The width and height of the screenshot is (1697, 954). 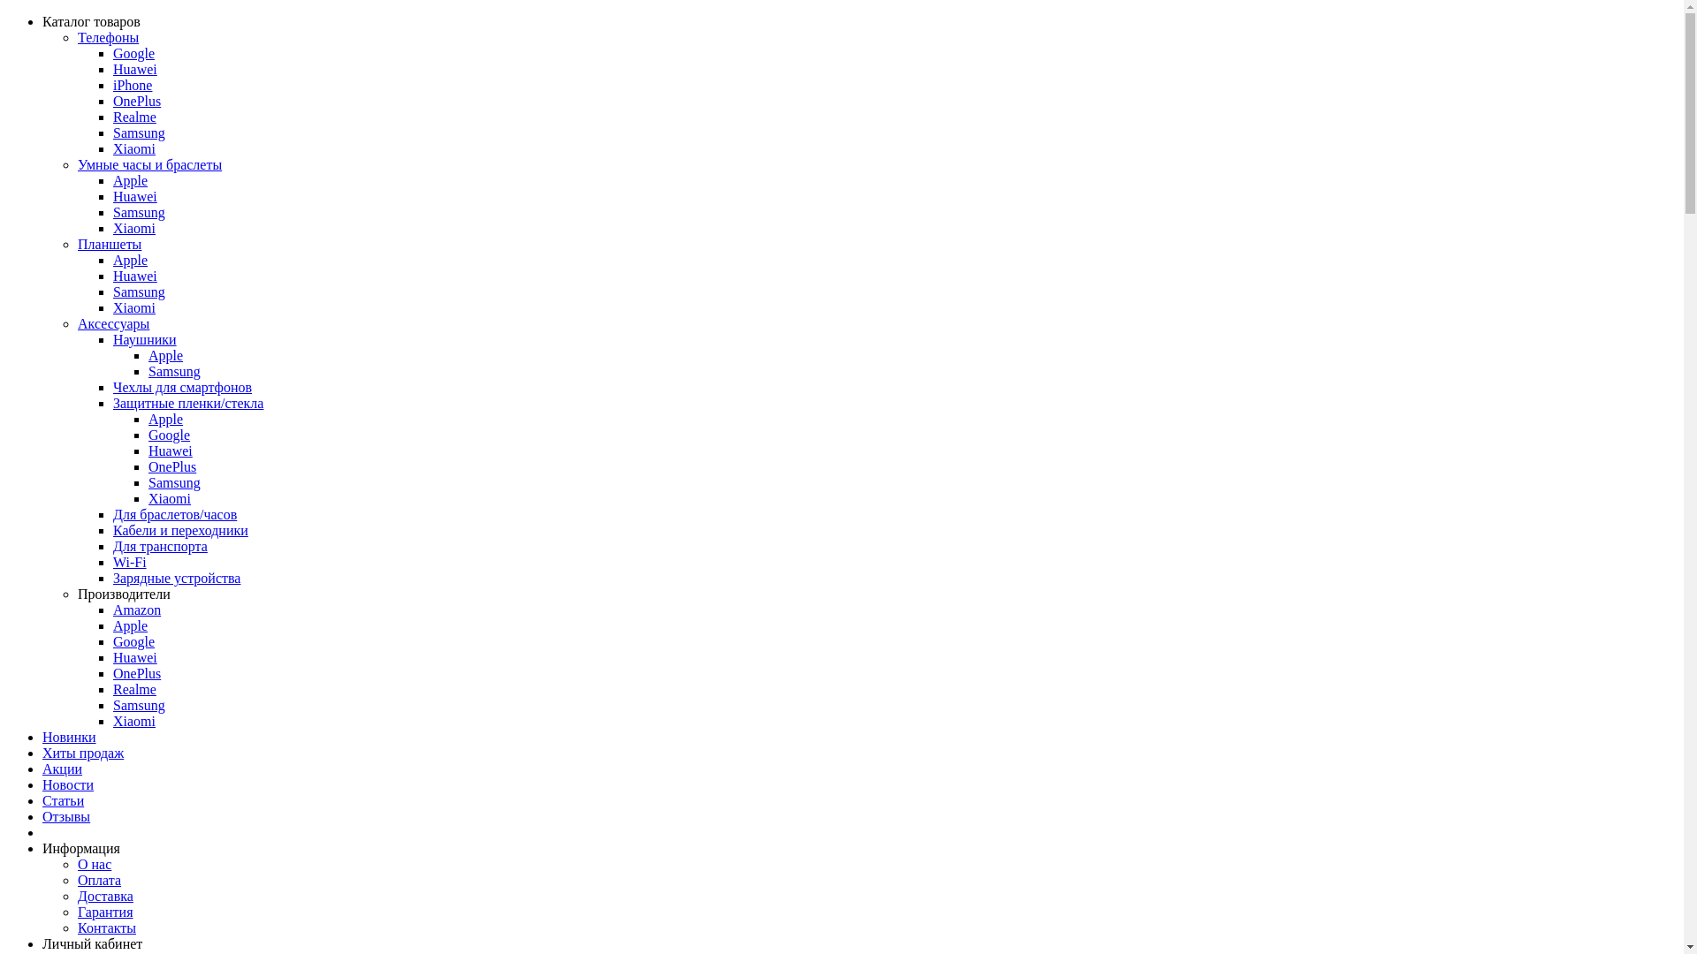 I want to click on 'Huawei', so click(x=134, y=196).